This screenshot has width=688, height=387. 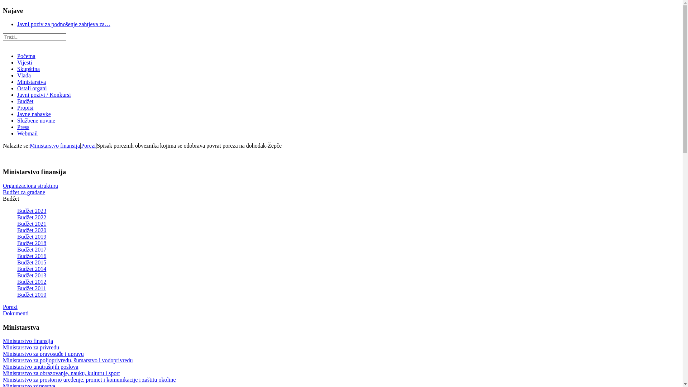 I want to click on 'Vlada', so click(x=24, y=75).